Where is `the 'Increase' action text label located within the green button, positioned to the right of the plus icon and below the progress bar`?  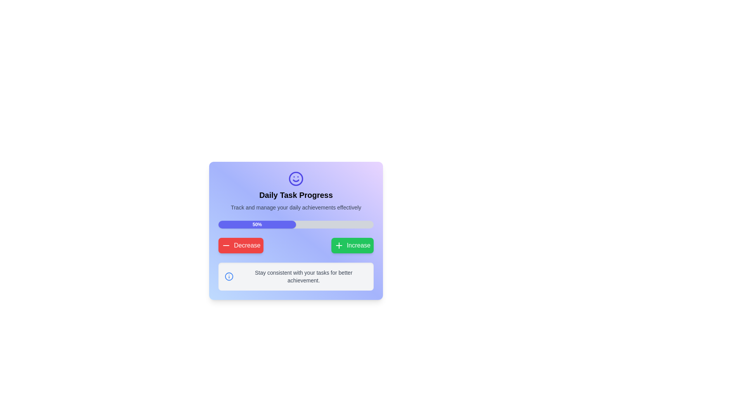 the 'Increase' action text label located within the green button, positioned to the right of the plus icon and below the progress bar is located at coordinates (358, 245).